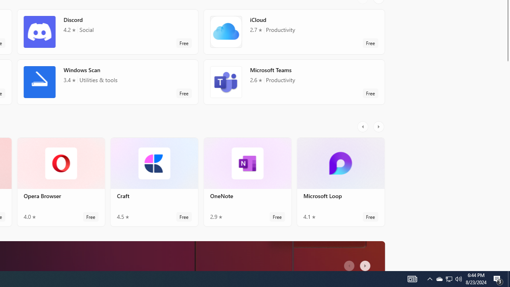 This screenshot has width=510, height=287. I want to click on 'Discord. Average rating of 4.2 out of five stars. Free  ', so click(107, 31).